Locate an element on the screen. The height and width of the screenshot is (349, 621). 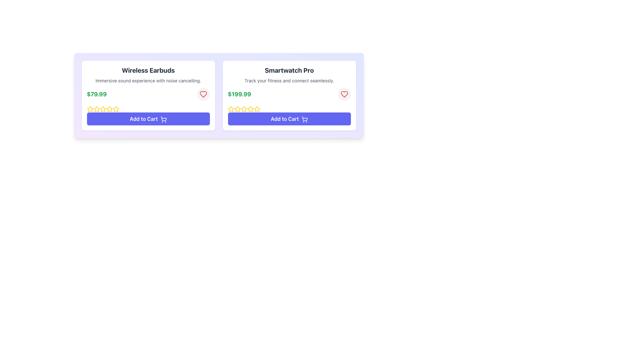
the button that adds the 'Smartwatch Pro' to the shopping cart, located below the star icons and price tag of '$199.99' is located at coordinates (289, 119).